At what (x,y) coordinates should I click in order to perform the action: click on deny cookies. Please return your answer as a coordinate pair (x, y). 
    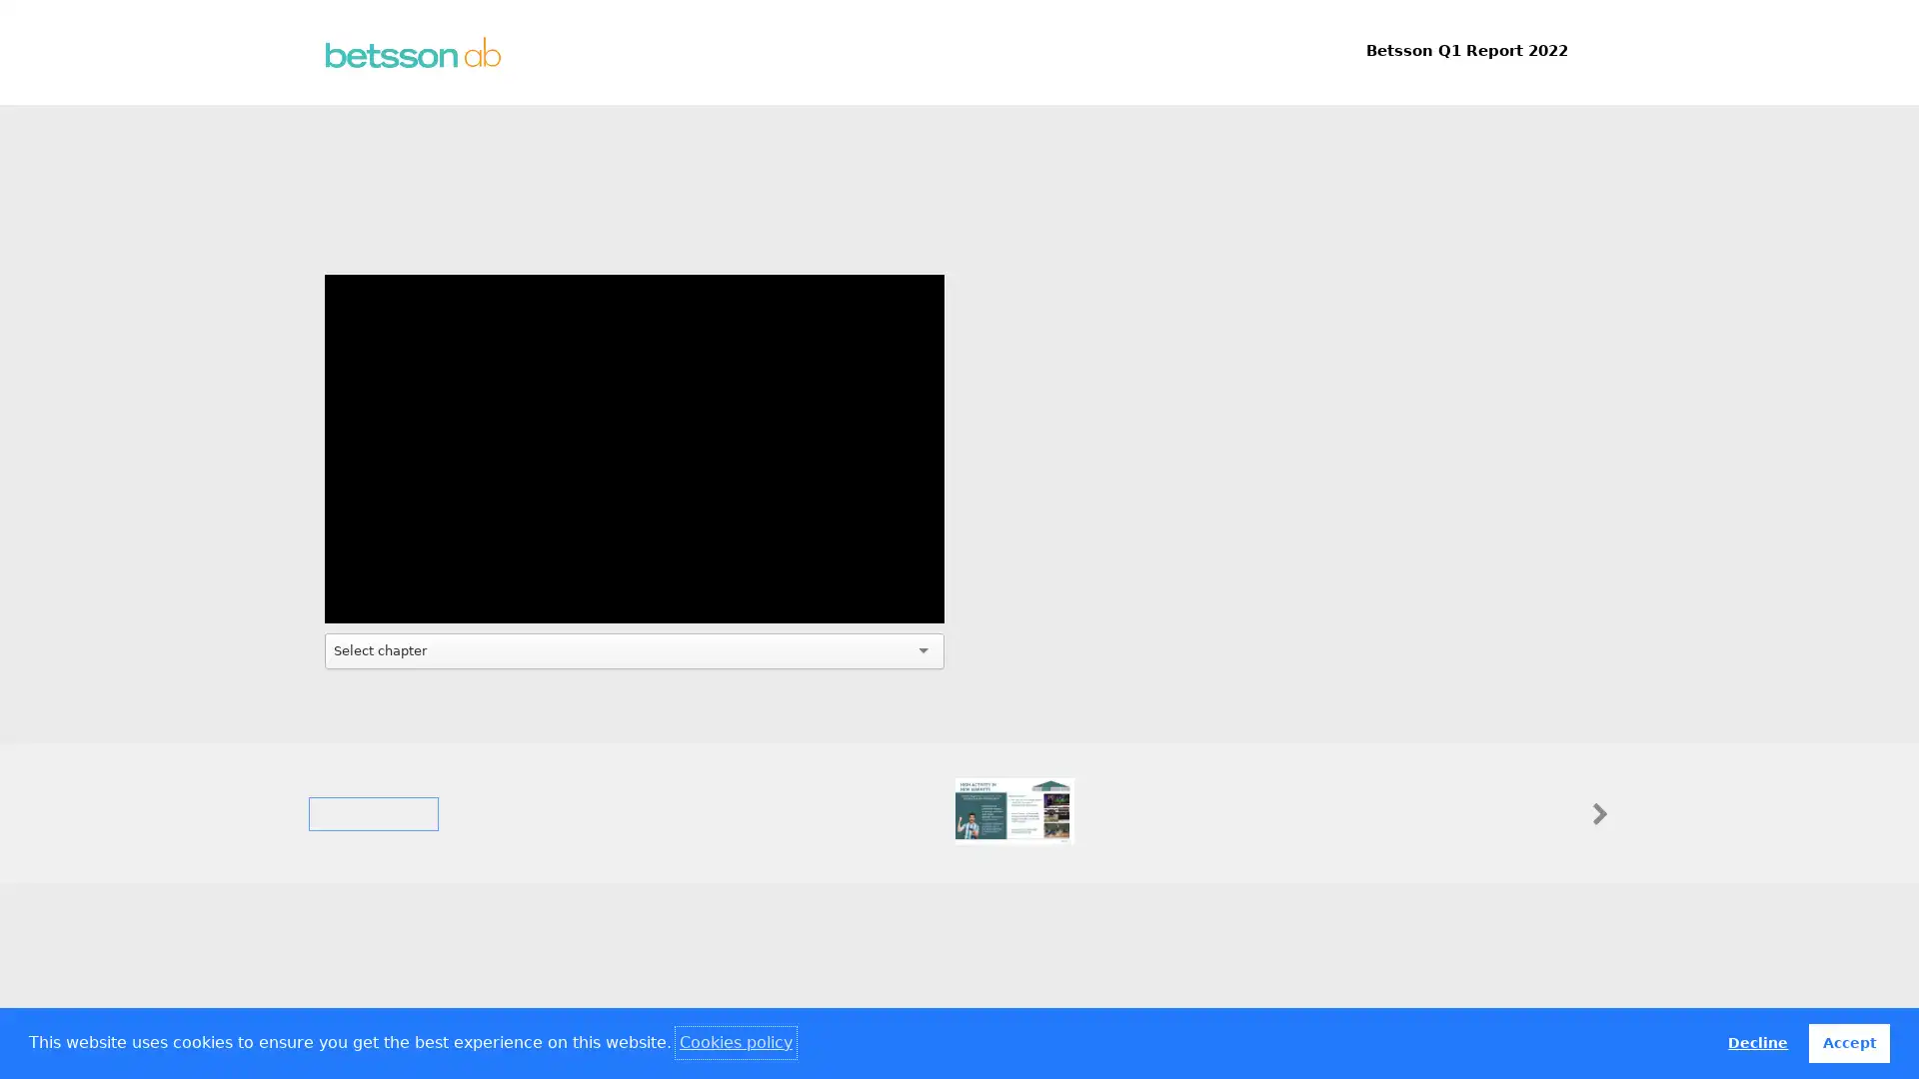
    Looking at the image, I should click on (1756, 1042).